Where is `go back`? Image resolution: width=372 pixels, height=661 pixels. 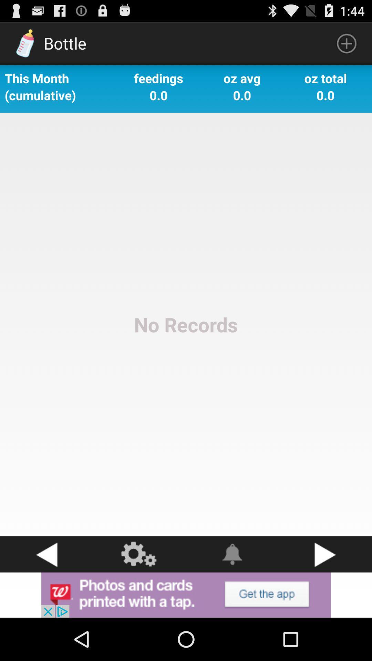
go back is located at coordinates (46, 554).